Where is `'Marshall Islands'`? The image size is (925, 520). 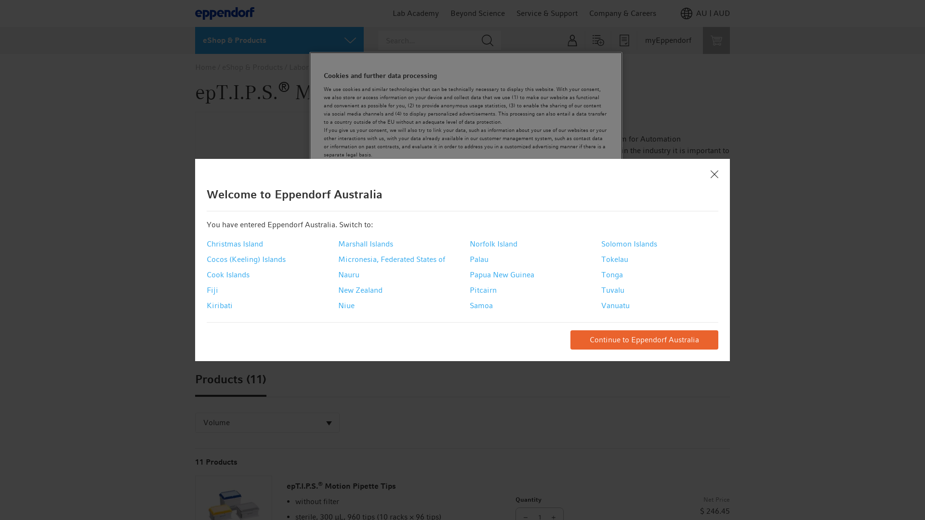 'Marshall Islands' is located at coordinates (365, 243).